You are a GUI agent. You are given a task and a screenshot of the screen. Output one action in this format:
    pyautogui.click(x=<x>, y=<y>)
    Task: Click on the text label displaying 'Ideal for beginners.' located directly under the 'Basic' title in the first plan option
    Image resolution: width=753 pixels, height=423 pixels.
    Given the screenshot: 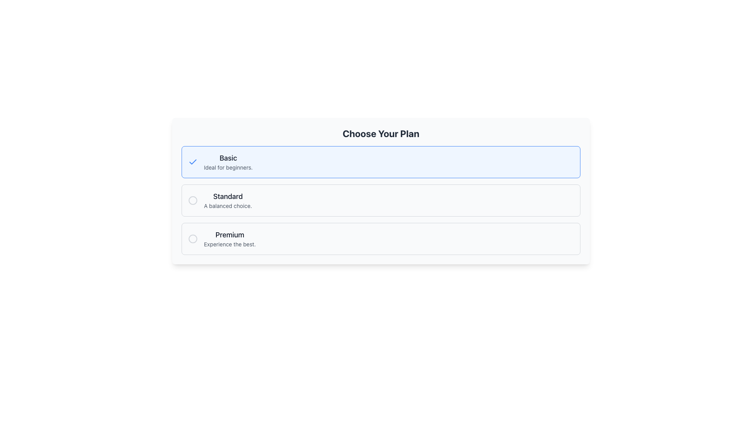 What is the action you would take?
    pyautogui.click(x=228, y=167)
    